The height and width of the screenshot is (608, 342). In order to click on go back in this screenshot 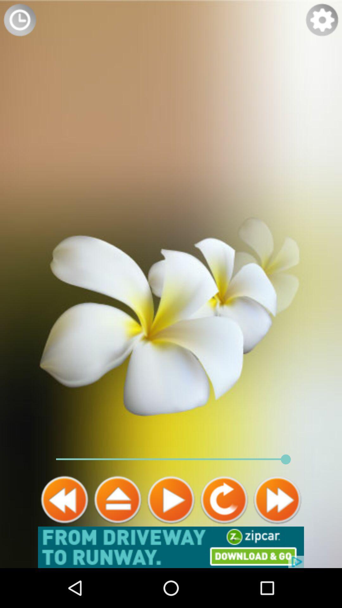, I will do `click(65, 499)`.